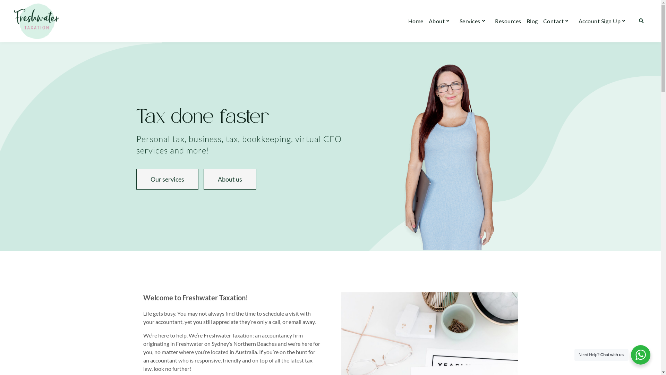 The image size is (666, 375). Describe the element at coordinates (408, 21) in the screenshot. I see `'Home'` at that location.